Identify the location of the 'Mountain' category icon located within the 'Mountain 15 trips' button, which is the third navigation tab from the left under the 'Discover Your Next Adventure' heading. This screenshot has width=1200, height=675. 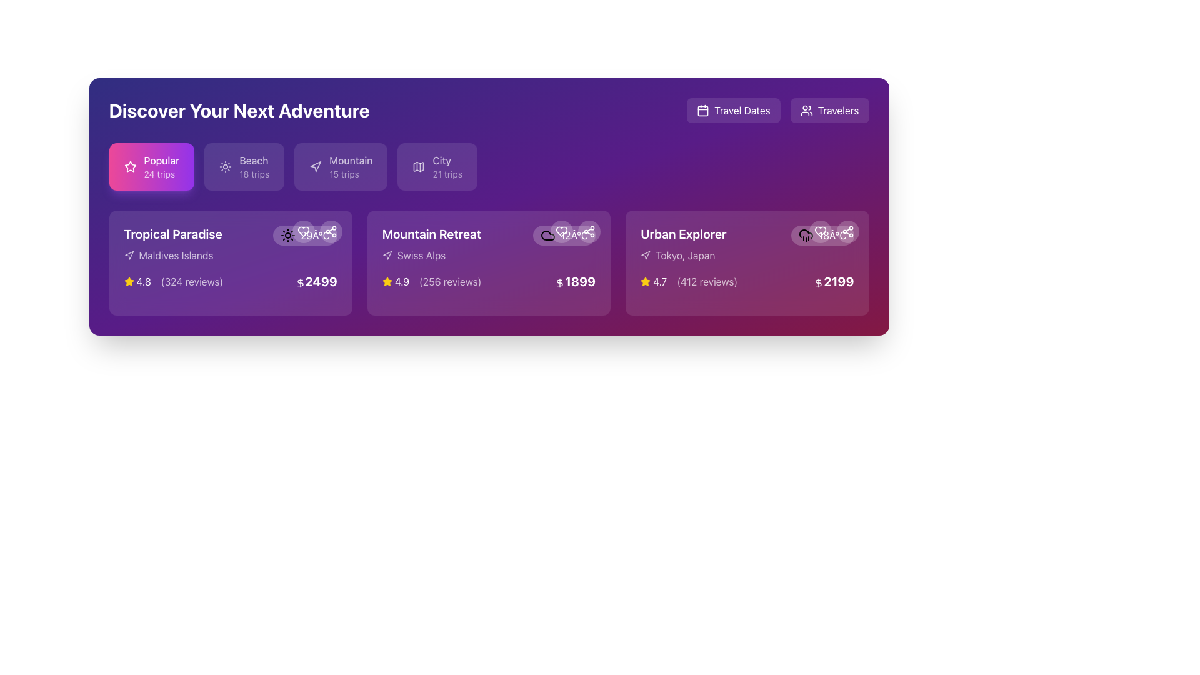
(316, 166).